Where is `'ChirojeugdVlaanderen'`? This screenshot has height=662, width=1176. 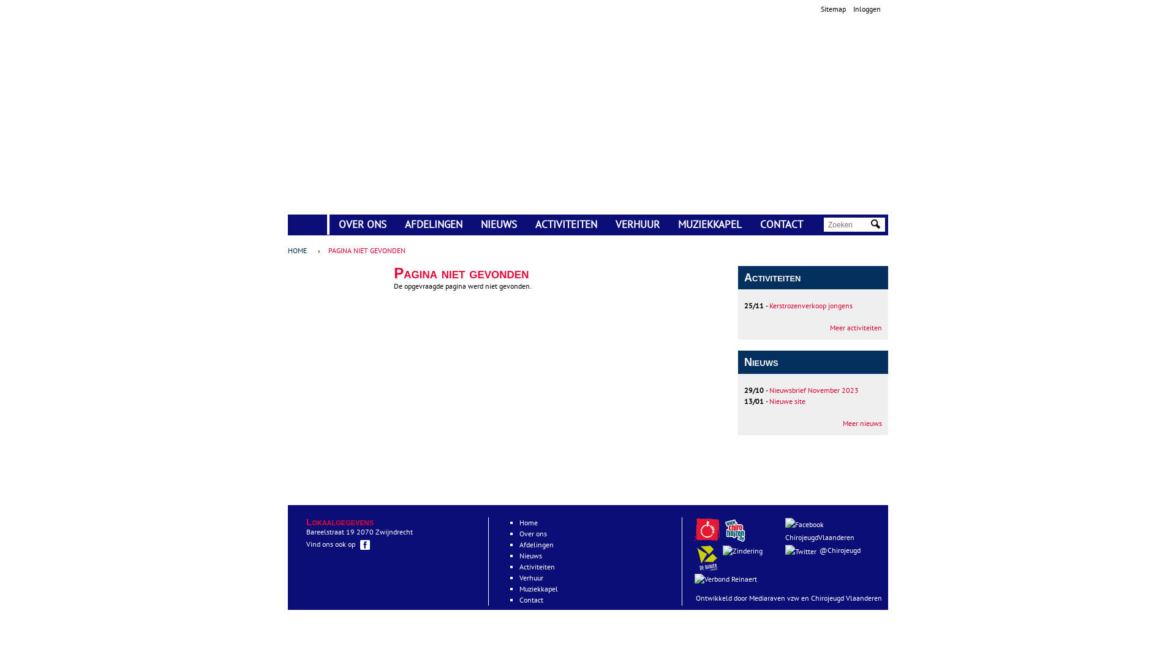
'ChirojeugdVlaanderen' is located at coordinates (831, 530).